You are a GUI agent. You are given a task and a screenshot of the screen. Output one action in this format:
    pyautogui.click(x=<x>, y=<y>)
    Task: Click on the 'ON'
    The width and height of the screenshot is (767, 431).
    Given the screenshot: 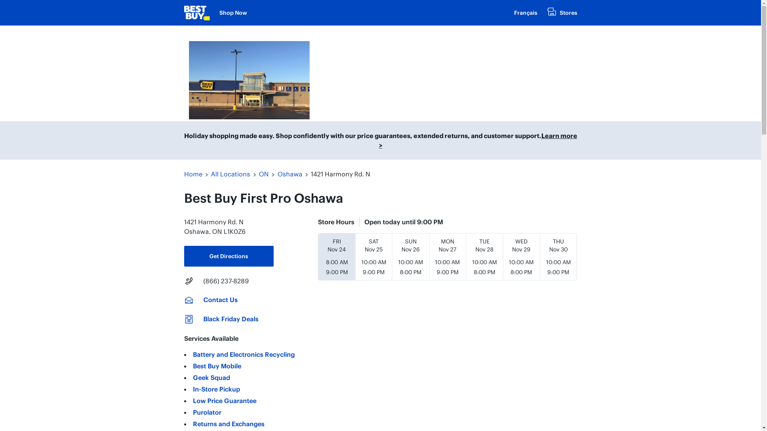 What is the action you would take?
    pyautogui.click(x=264, y=173)
    